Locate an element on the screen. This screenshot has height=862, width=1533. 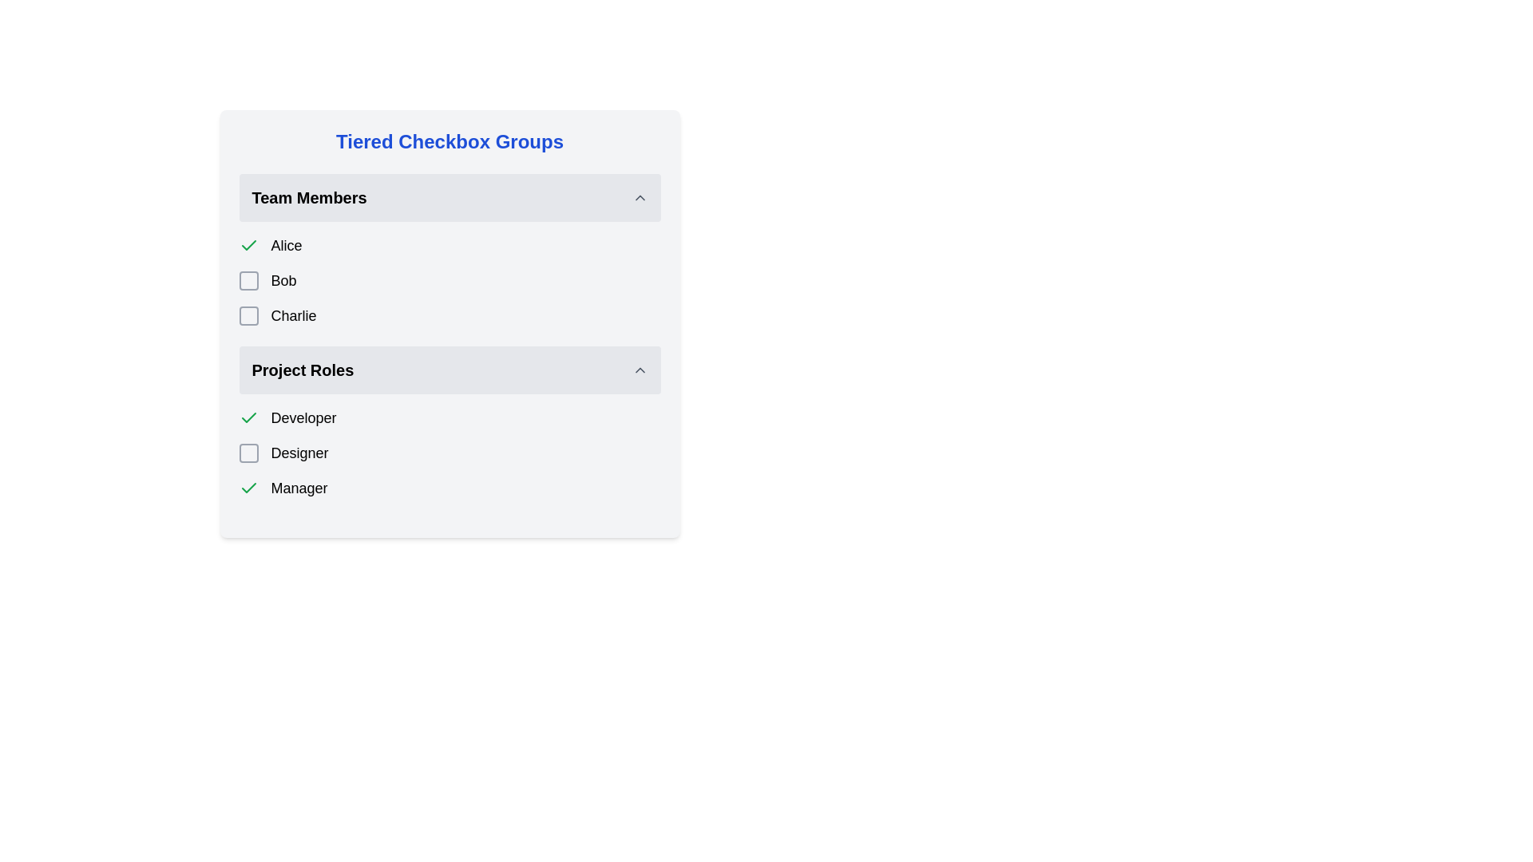
the label indicating 'Team Members', which serves as a heading for the related content is located at coordinates (309, 196).